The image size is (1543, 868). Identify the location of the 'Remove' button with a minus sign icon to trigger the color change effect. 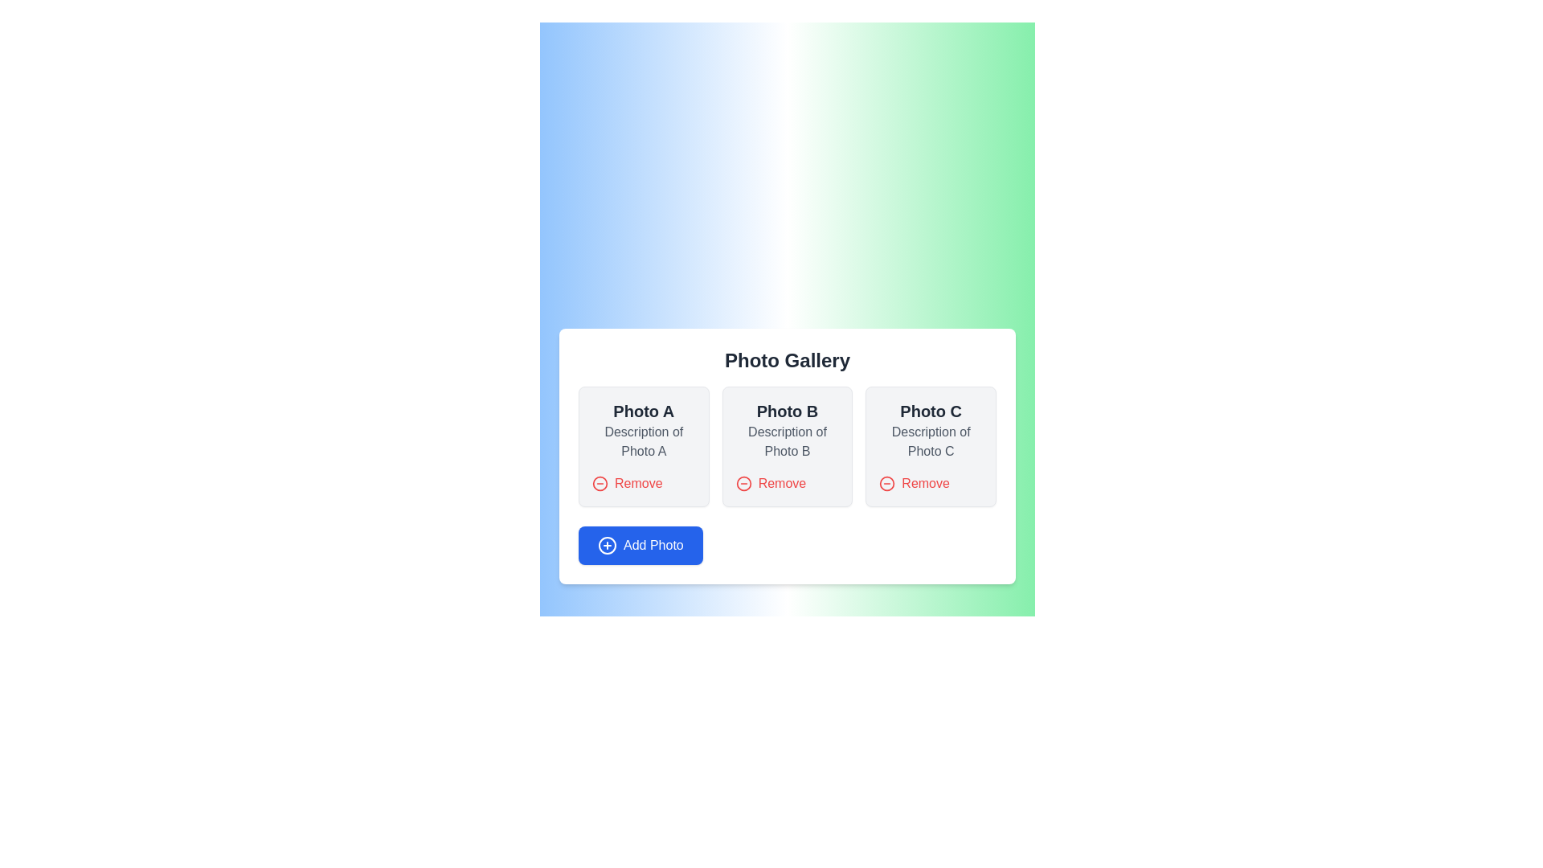
(626, 482).